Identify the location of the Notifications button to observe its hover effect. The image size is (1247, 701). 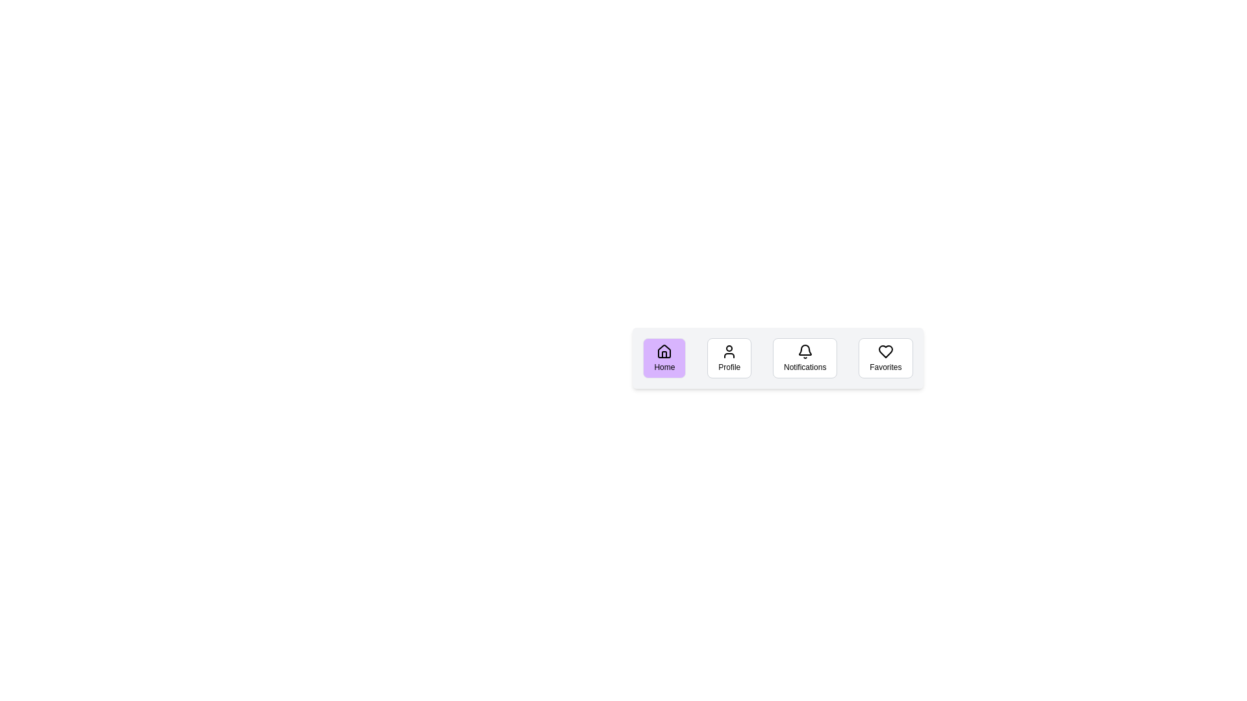
(804, 358).